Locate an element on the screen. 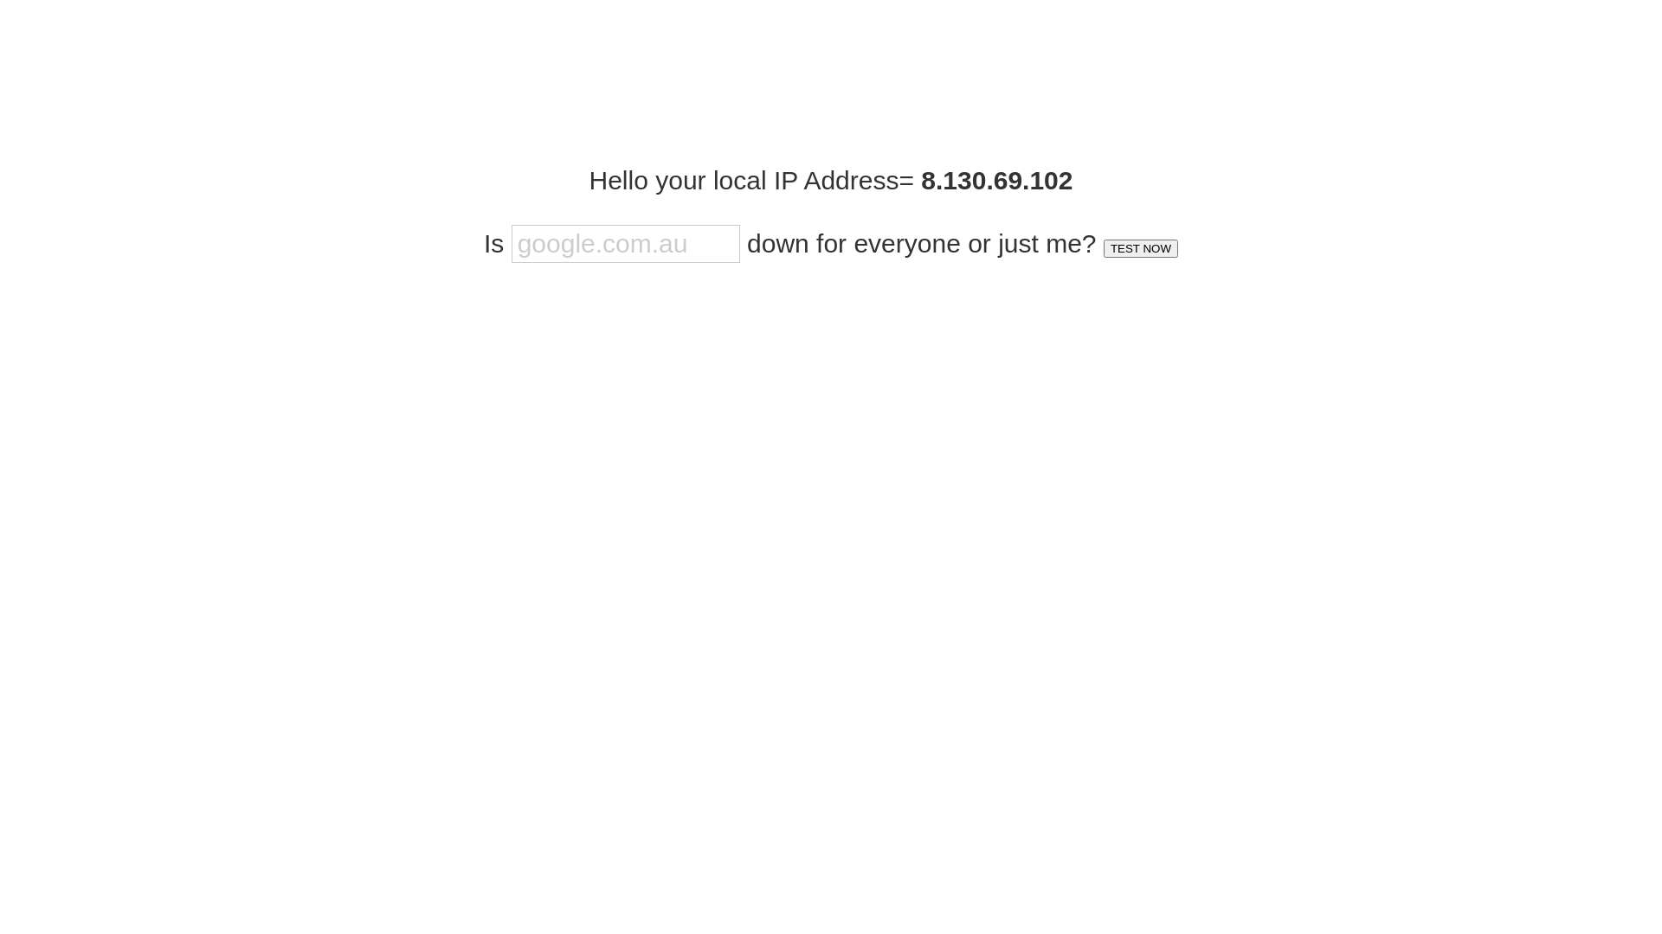 The image size is (1662, 934). 'TEST NOW' is located at coordinates (1103, 248).